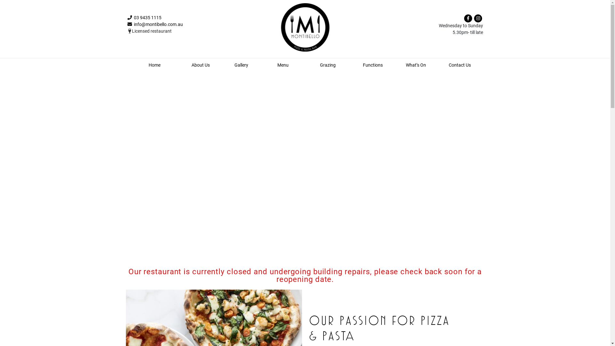 This screenshot has height=346, width=615. Describe the element at coordinates (283, 65) in the screenshot. I see `'Menu'` at that location.